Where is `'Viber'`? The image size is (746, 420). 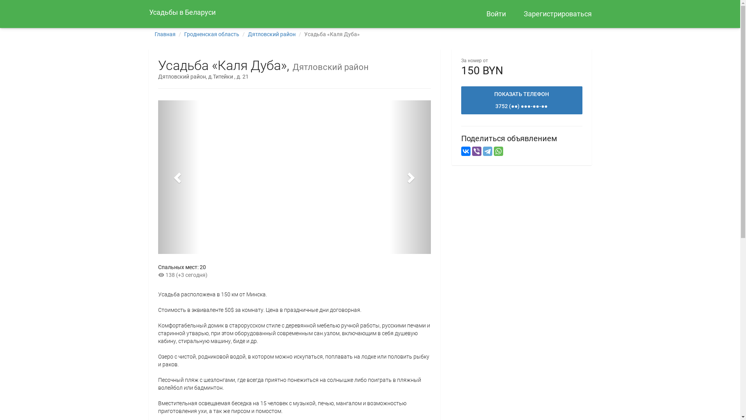
'Viber' is located at coordinates (476, 151).